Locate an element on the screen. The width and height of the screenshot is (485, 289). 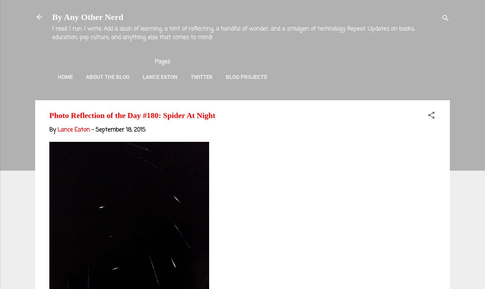
'I read. I run. I write. Add a dash of learning, a hint of reflecting, a handful of wonder, and a smidgen of technology. Repeat. 
Updates on books, education, pop culture, and anything else that comes to mind!' is located at coordinates (51, 33).